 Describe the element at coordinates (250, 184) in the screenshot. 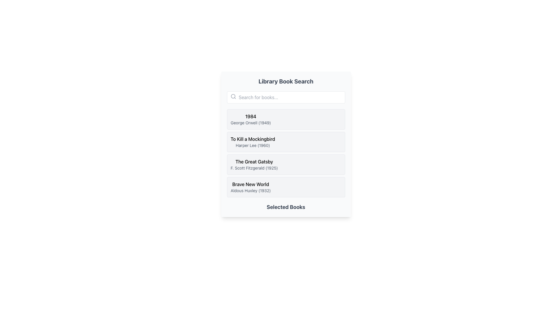

I see `the title of the book displayed` at that location.